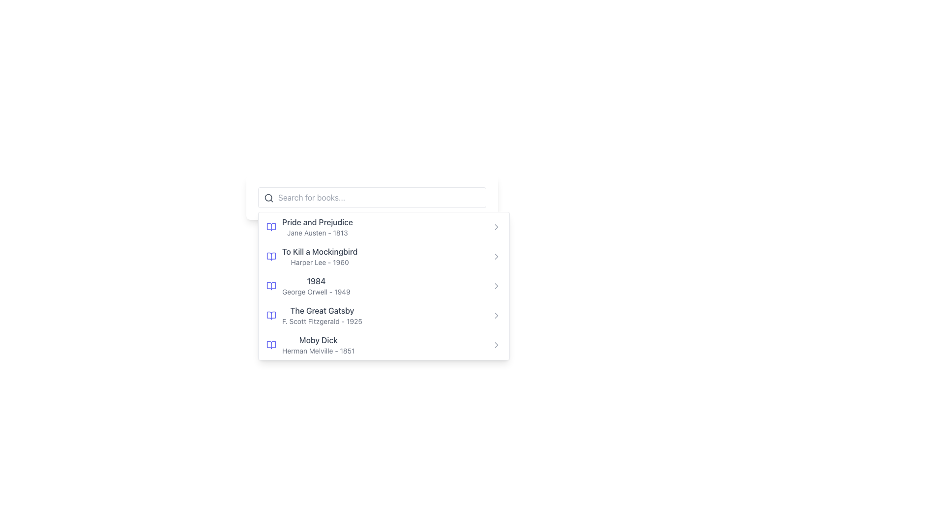 The width and height of the screenshot is (944, 531). Describe the element at coordinates (383, 286) in the screenshot. I see `the third item in the dropdown menu that displays the book title '1984' by George Orwell by clicking on it` at that location.